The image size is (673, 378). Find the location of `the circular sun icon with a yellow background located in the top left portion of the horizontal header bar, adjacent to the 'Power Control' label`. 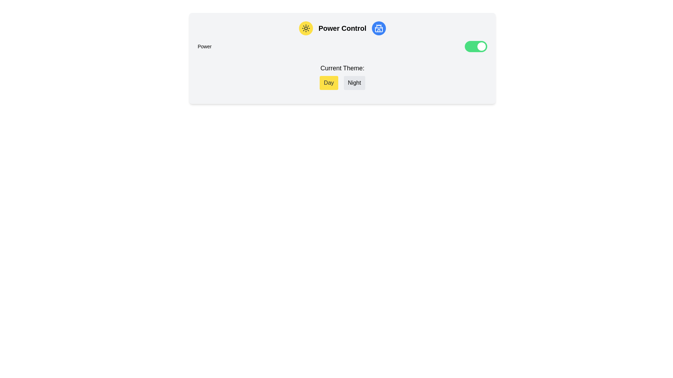

the circular sun icon with a yellow background located in the top left portion of the horizontal header bar, adjacent to the 'Power Control' label is located at coordinates (306, 28).